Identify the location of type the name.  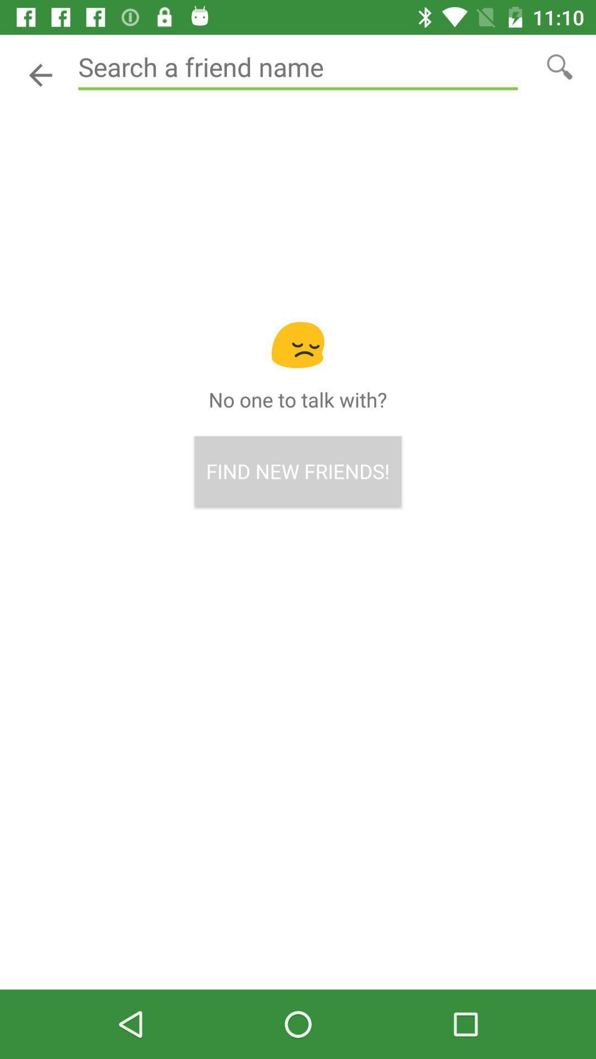
(298, 67).